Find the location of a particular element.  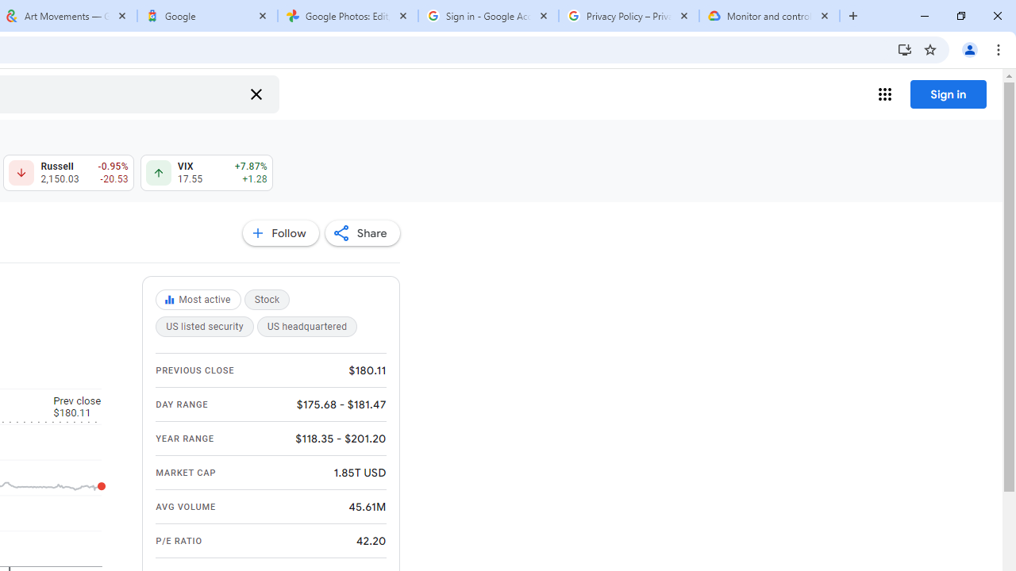

'Clear search' is located at coordinates (256, 94).